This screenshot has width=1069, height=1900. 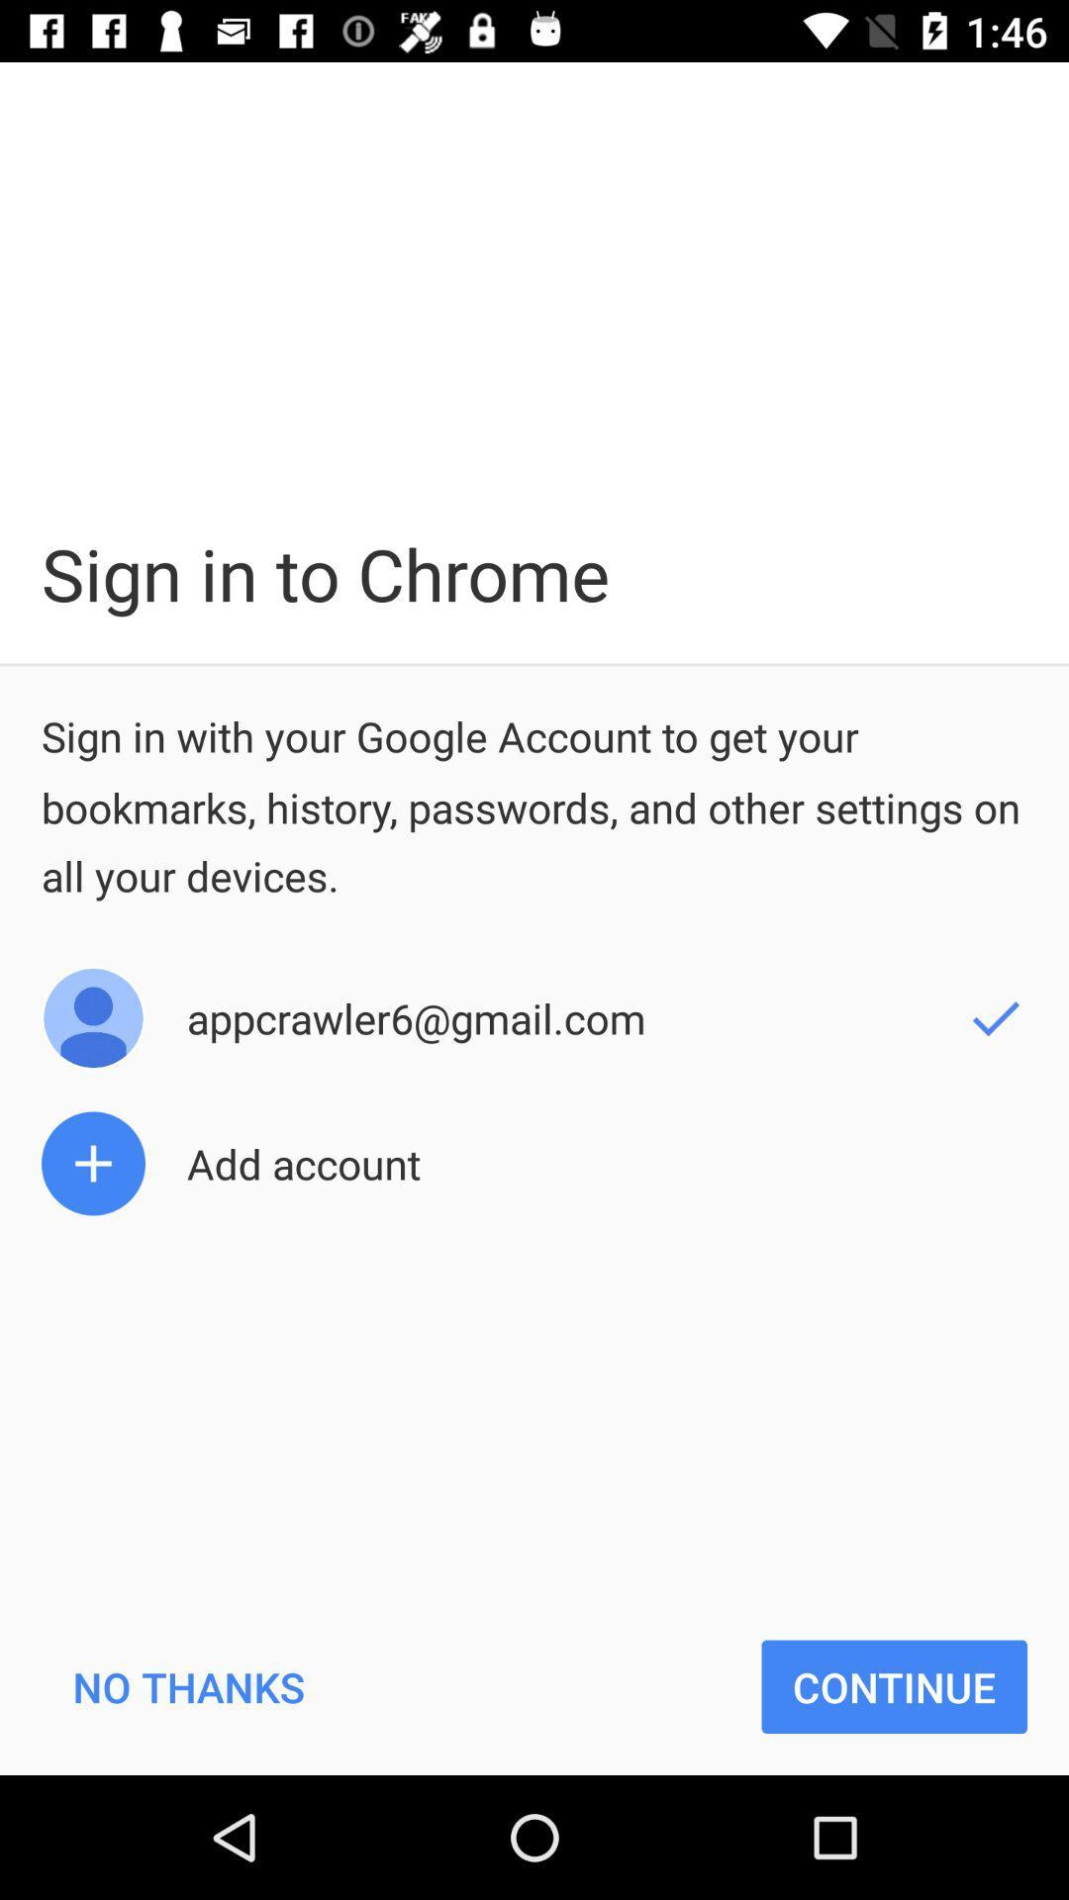 I want to click on no thanks at the bottom left corner, so click(x=188, y=1685).